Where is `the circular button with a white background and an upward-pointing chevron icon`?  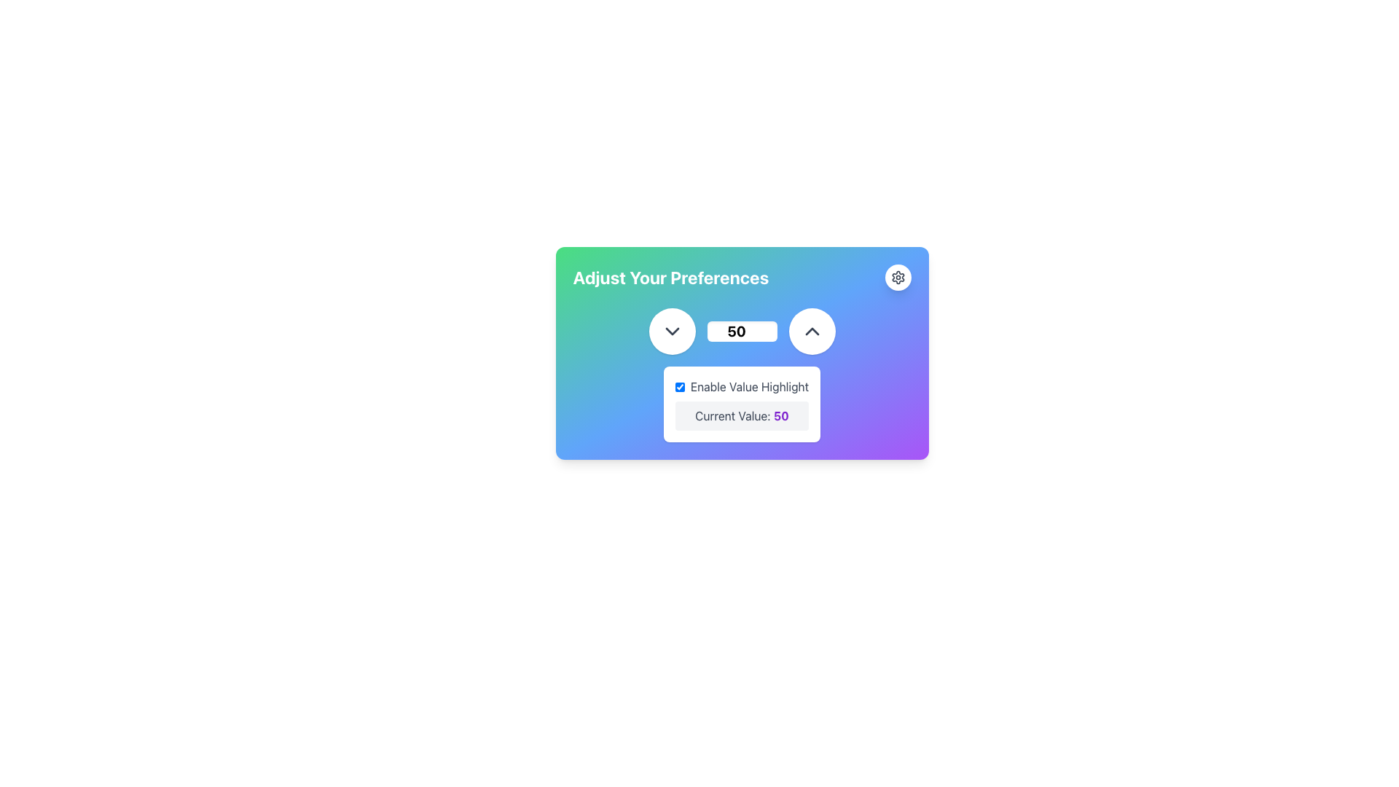 the circular button with a white background and an upward-pointing chevron icon is located at coordinates (811, 332).